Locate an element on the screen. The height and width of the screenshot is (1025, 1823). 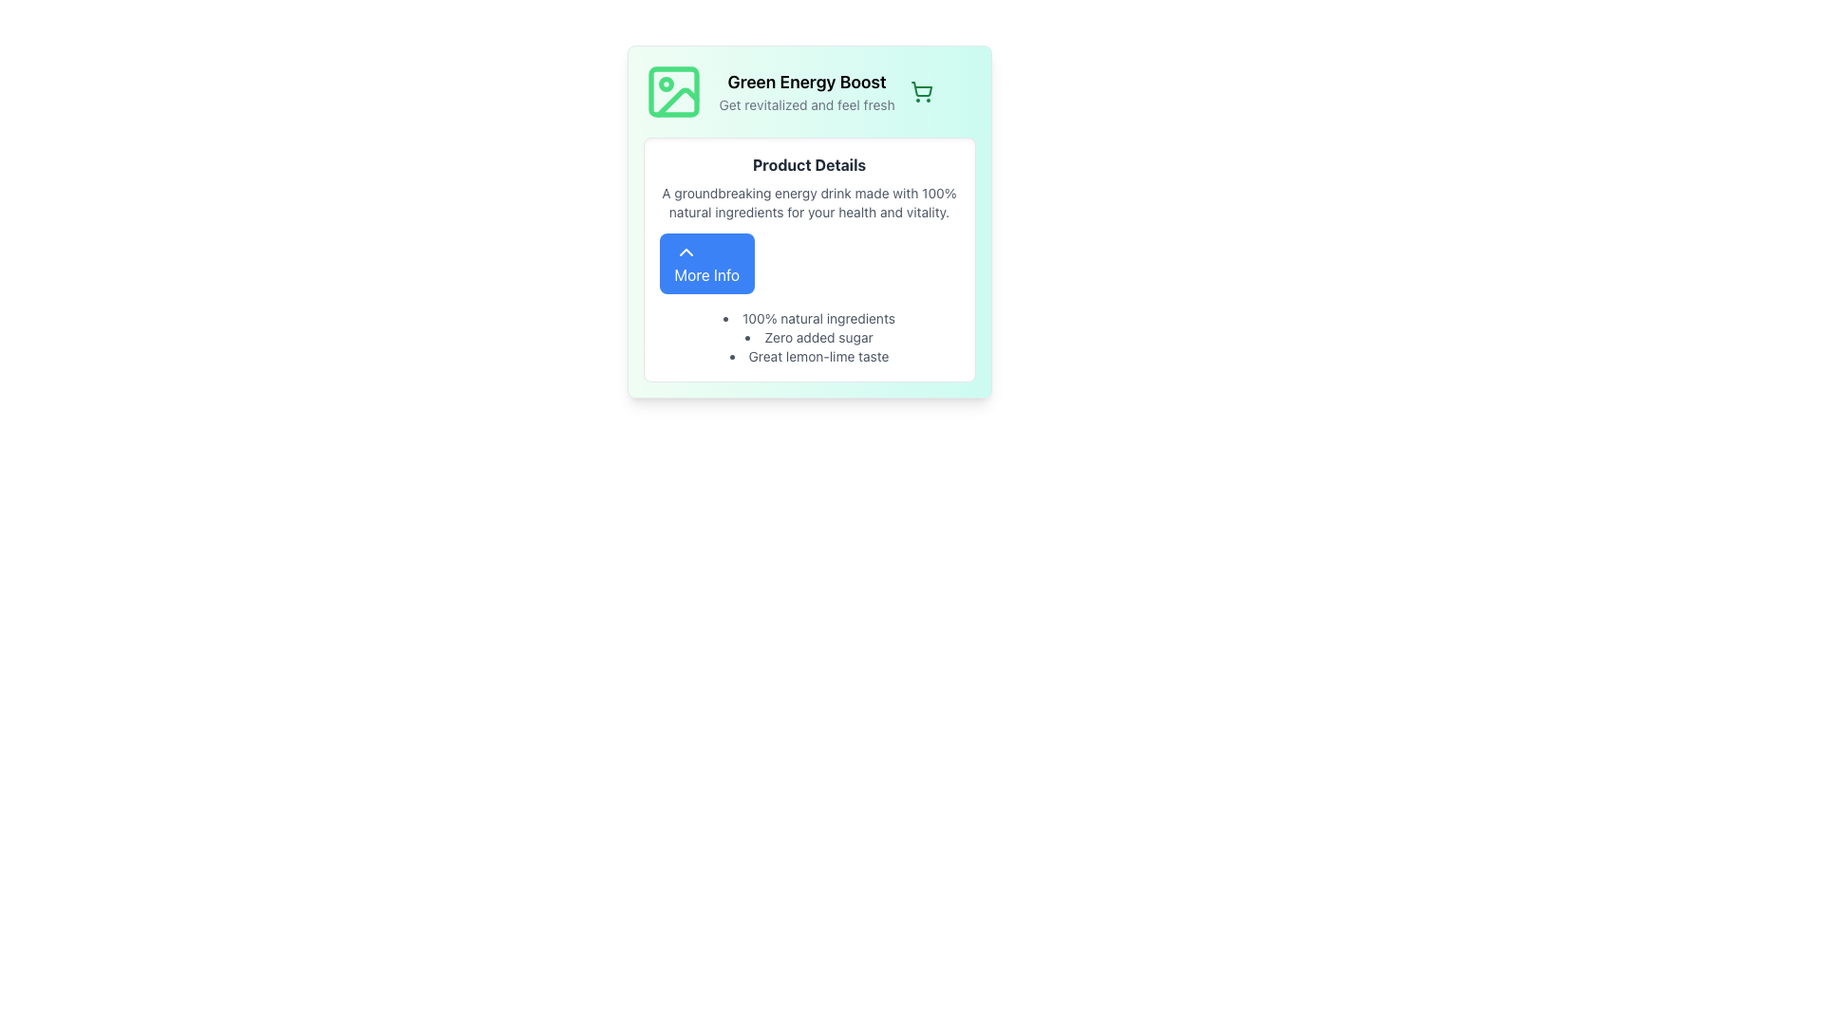
the title 'Green Energy Boost' or subtitle 'Get revitalized and feel fresh' of the Information banner located at the top of the product card is located at coordinates (809, 91).